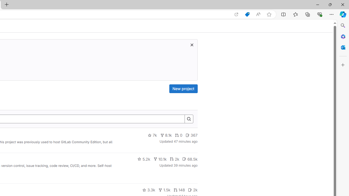 The image size is (349, 196). Describe the element at coordinates (166, 135) in the screenshot. I see `'8.1k'` at that location.